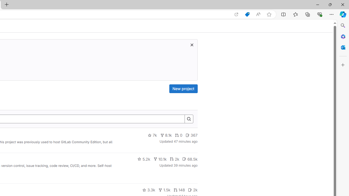 The image size is (349, 196). Describe the element at coordinates (166, 135) in the screenshot. I see `'8.1k'` at that location.